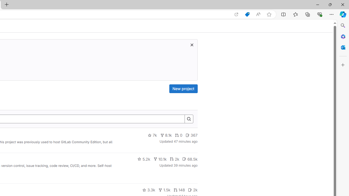 The image size is (349, 196). Describe the element at coordinates (166, 135) in the screenshot. I see `'8.1k'` at that location.